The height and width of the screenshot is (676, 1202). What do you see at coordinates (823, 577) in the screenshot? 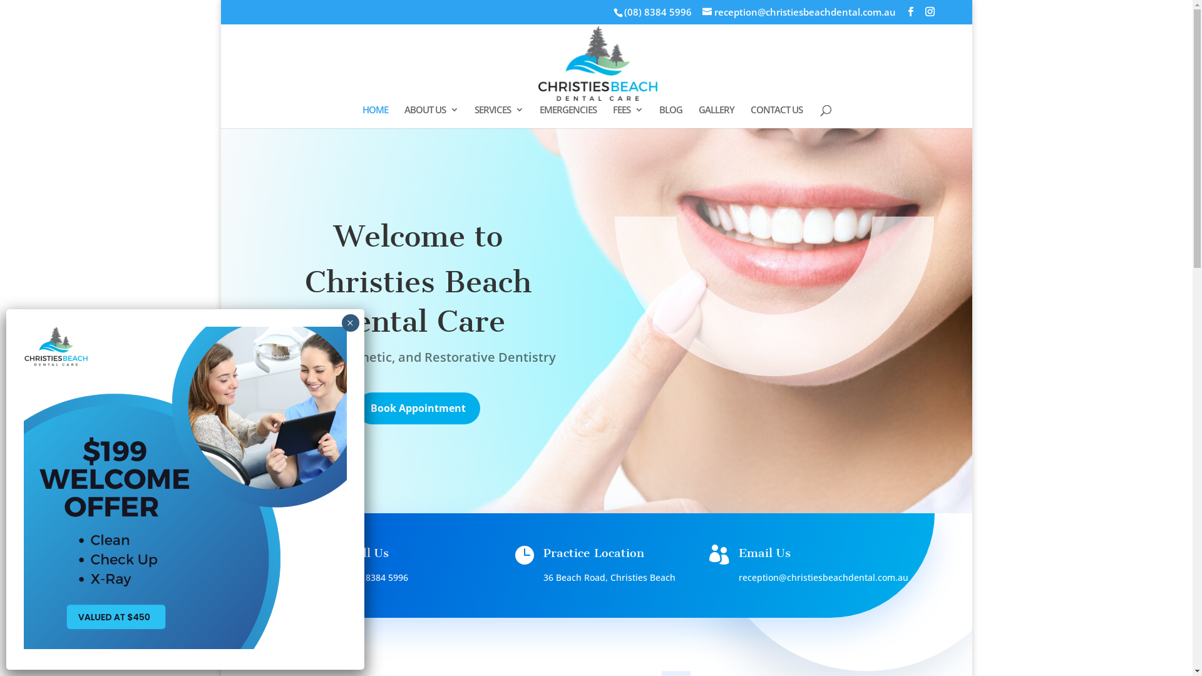
I see `'reception@christiesbeachdental.com.au'` at bounding box center [823, 577].